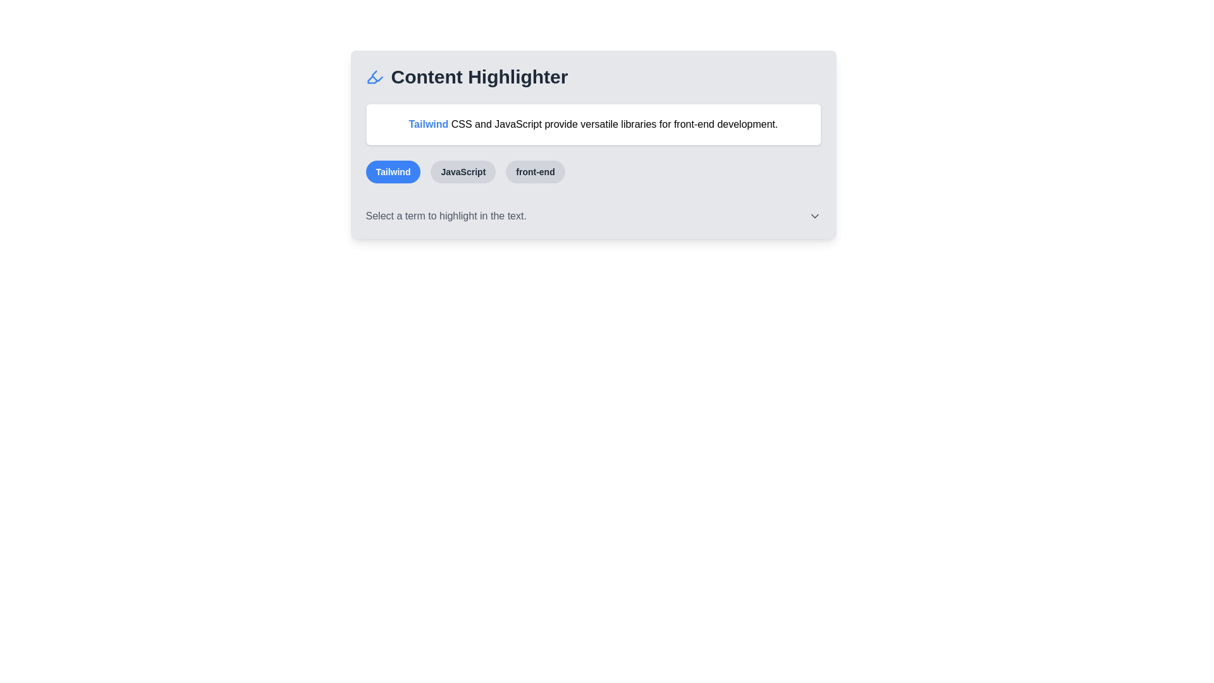 Image resolution: width=1214 pixels, height=683 pixels. I want to click on the 'Tailwind' button-like tag, so click(392, 172).